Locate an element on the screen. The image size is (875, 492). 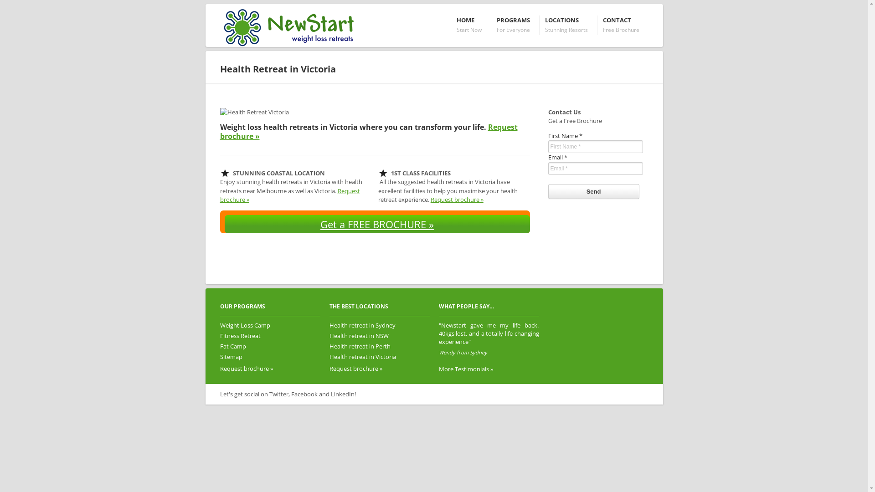
'Health retreat in Perth' is located at coordinates (359, 346).